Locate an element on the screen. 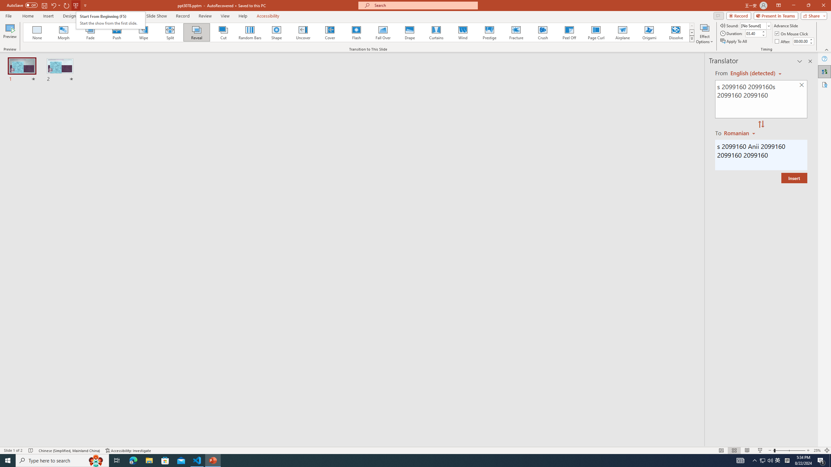  'Page Curl' is located at coordinates (595, 32).